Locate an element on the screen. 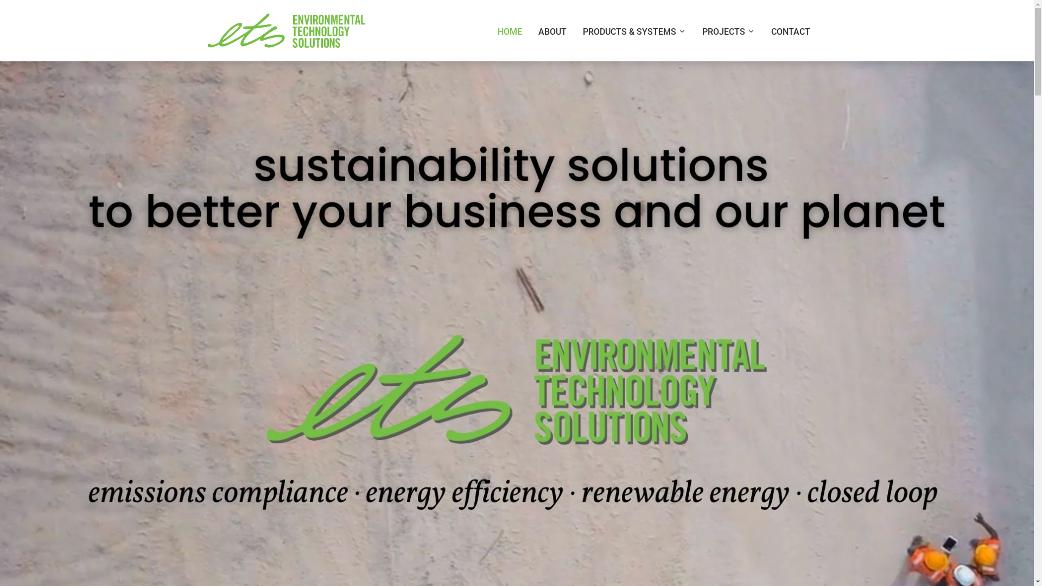  'ABOUT' is located at coordinates (552, 31).